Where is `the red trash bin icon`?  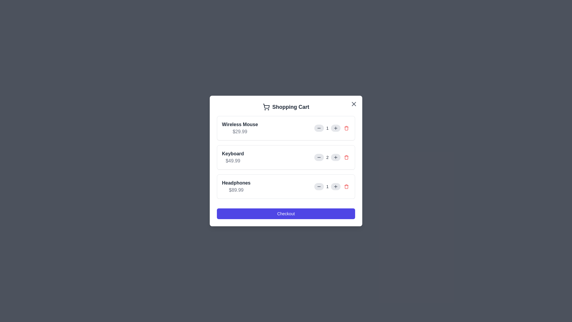
the red trash bin icon is located at coordinates (346, 157).